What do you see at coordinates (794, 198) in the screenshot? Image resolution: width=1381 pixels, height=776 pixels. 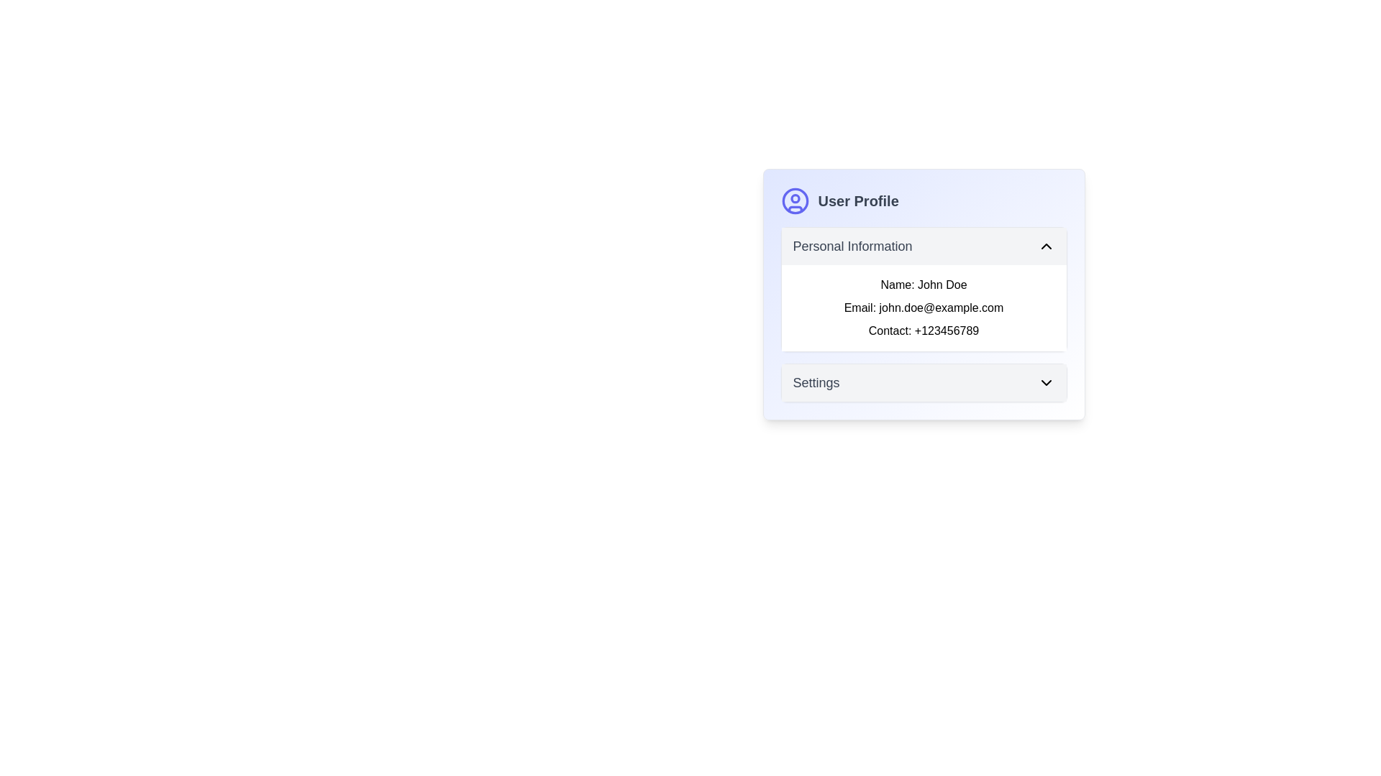 I see `the inner circle representing the head in the user avatar icon located at the top-left corner of the 'User Profile' section, above the text 'User Profile'` at bounding box center [794, 198].